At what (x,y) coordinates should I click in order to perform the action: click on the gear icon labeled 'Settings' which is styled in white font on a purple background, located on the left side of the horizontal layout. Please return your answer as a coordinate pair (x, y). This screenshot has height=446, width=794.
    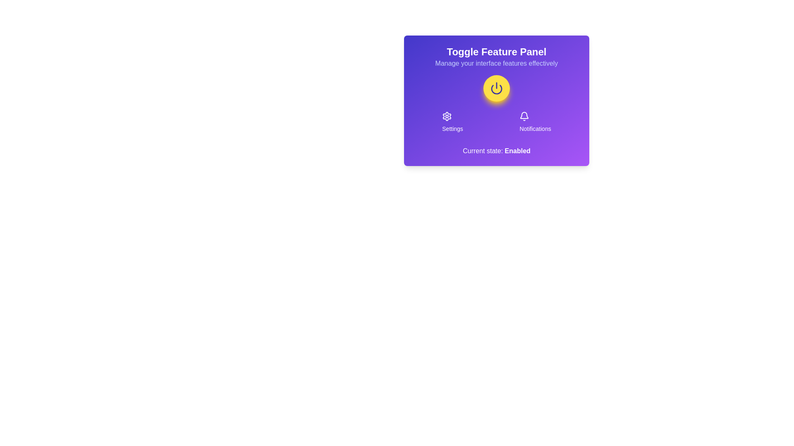
    Looking at the image, I should click on (452, 122).